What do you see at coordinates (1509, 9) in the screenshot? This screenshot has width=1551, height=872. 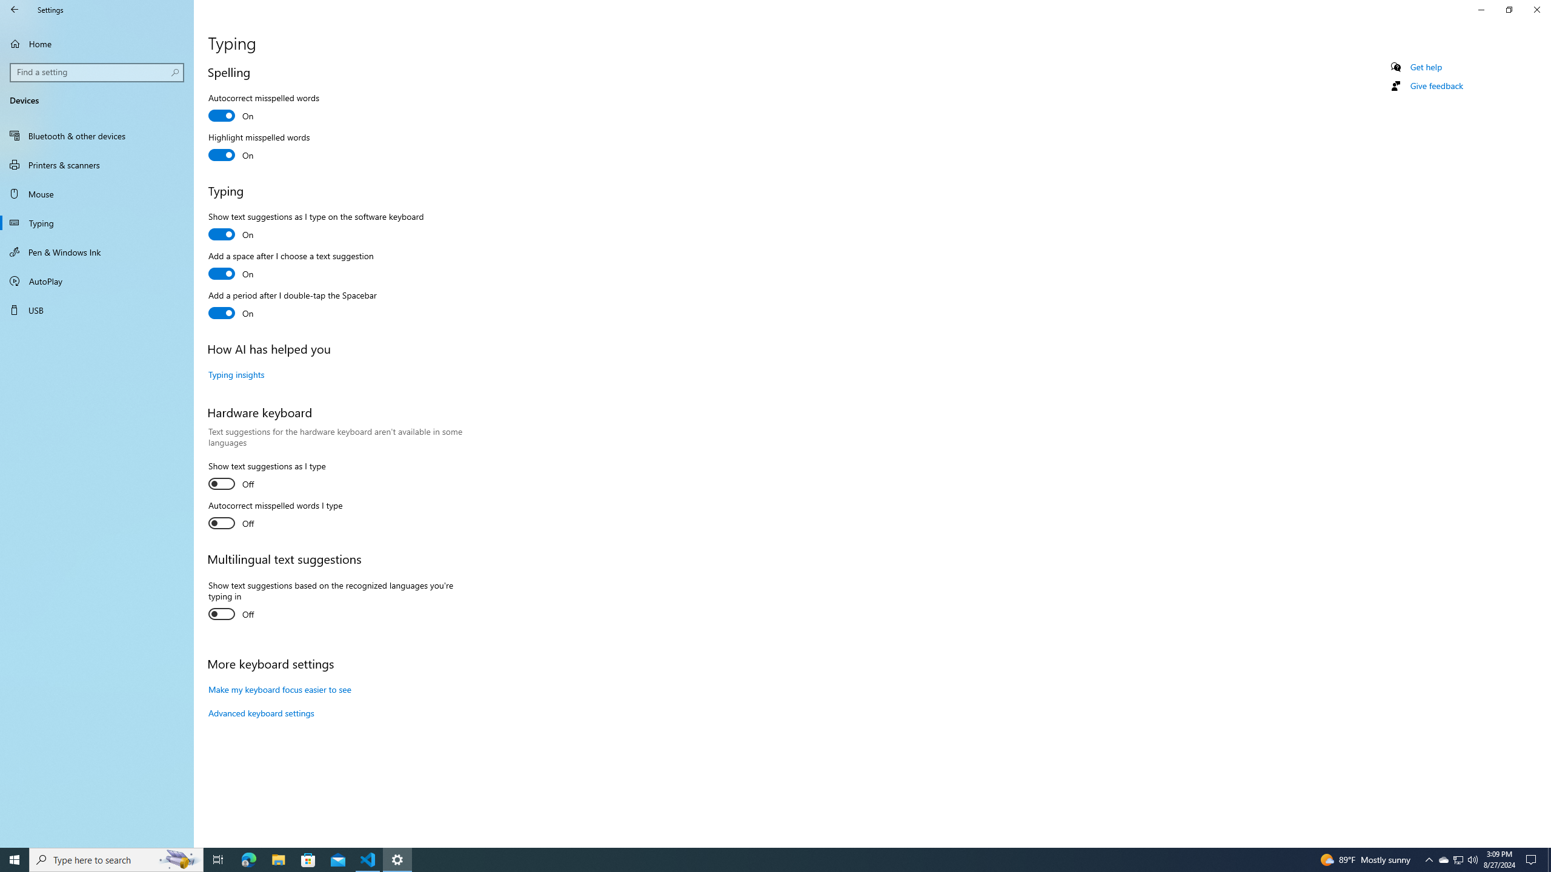 I see `'Restore Settings'` at bounding box center [1509, 9].